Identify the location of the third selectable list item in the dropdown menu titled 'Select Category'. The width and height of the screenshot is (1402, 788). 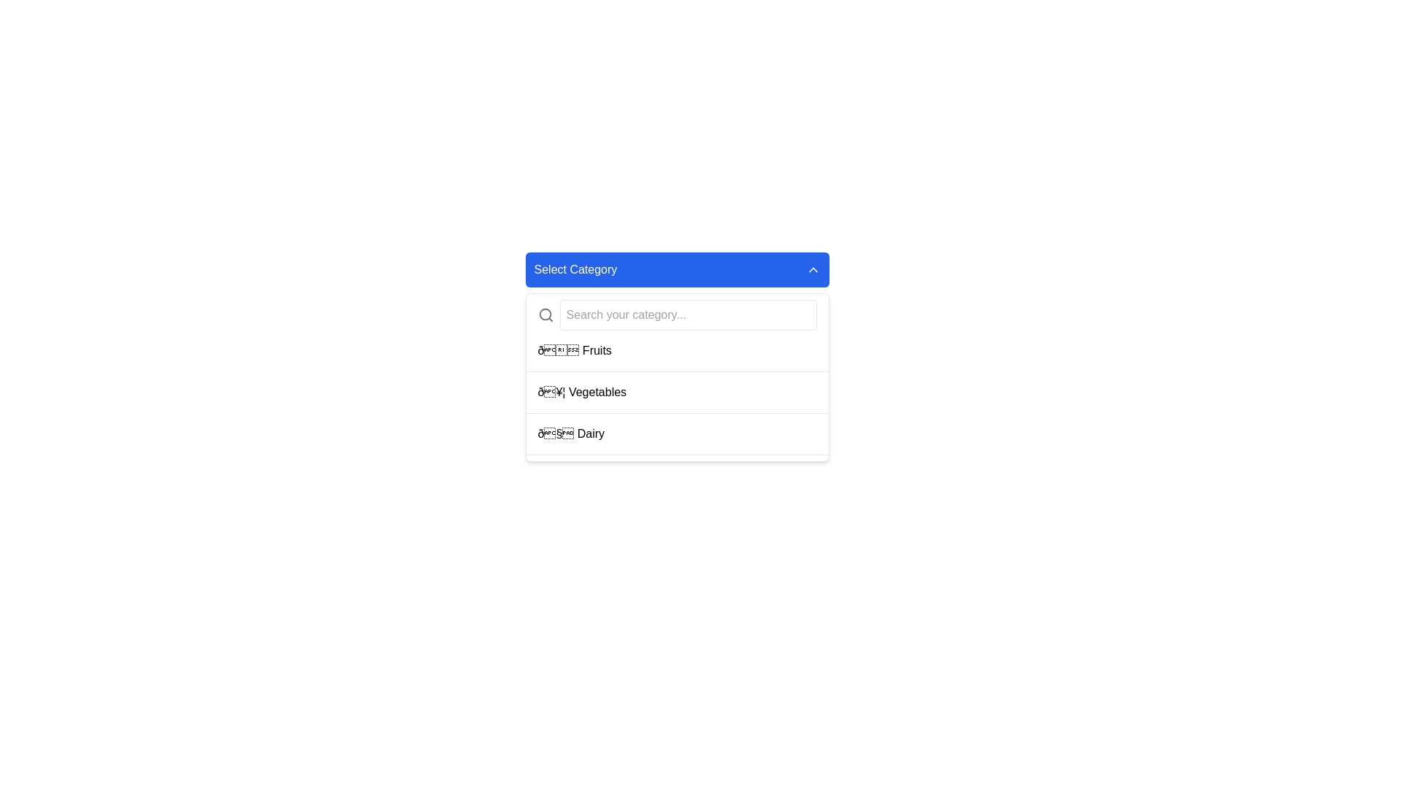
(676, 433).